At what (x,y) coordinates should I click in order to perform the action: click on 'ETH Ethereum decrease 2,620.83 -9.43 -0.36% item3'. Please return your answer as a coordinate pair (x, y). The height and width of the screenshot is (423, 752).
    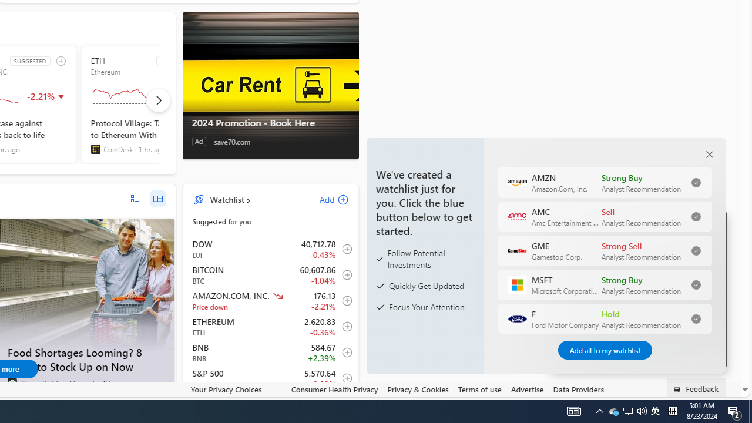
    Looking at the image, I should click on (270, 327).